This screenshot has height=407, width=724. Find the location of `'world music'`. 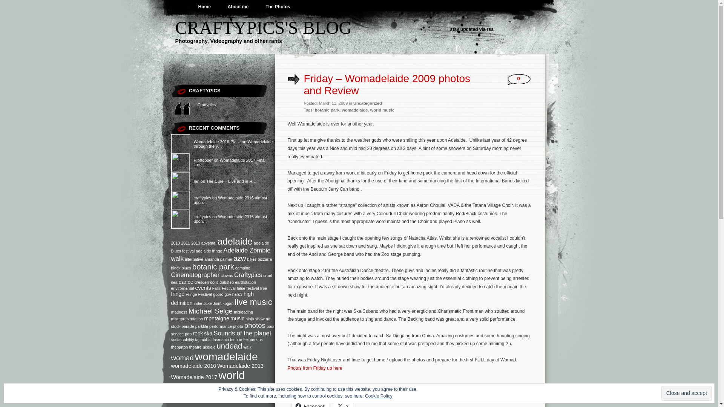

'world music' is located at coordinates (382, 110).